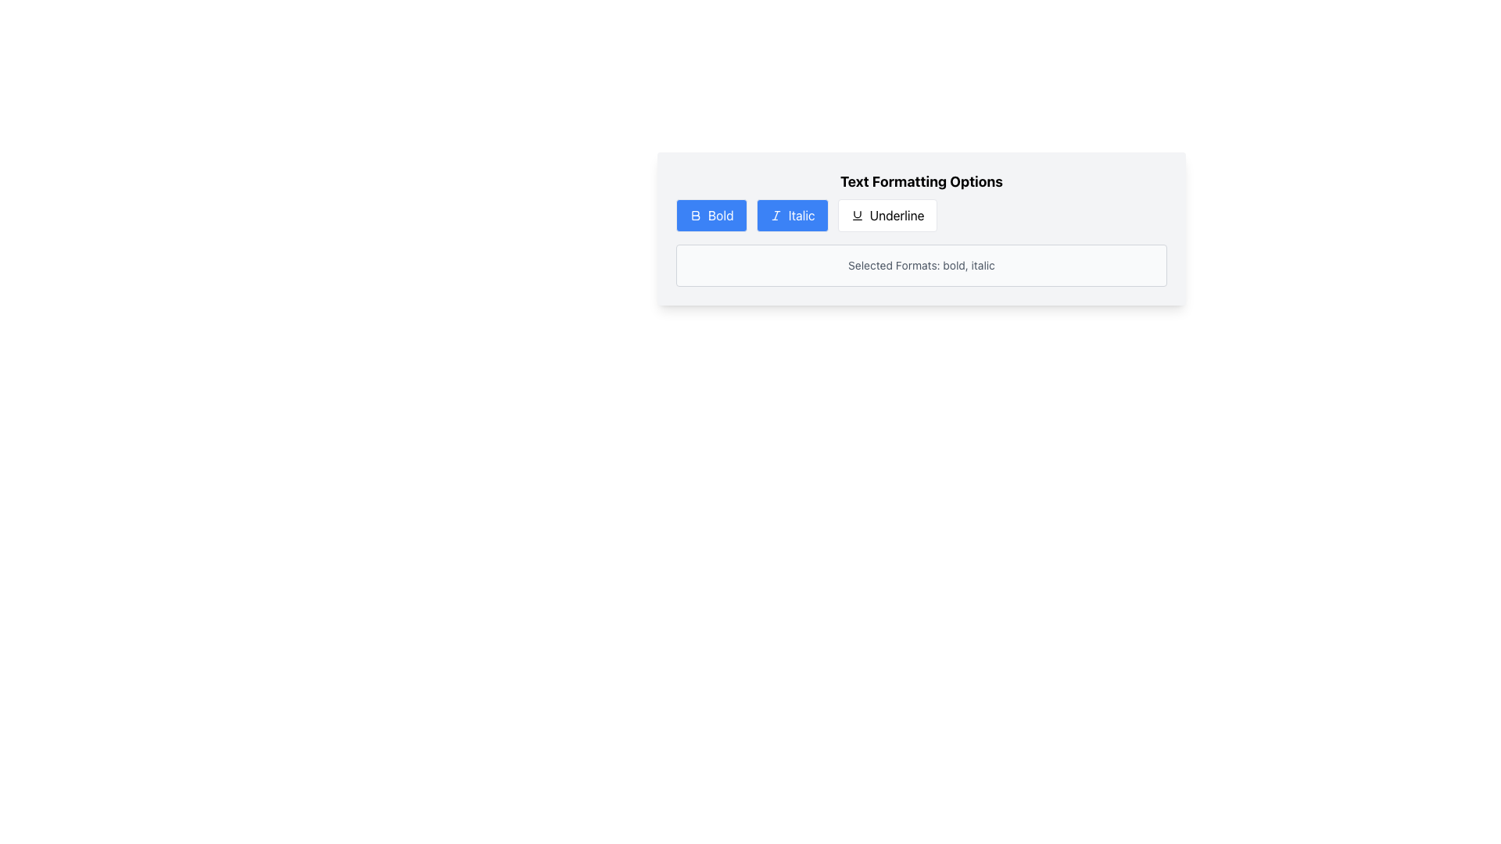  Describe the element at coordinates (776, 216) in the screenshot. I see `the italic formatting button, which is the second icon in the toolbar next to the Bold and Underline options, to activate italic formatting` at that location.